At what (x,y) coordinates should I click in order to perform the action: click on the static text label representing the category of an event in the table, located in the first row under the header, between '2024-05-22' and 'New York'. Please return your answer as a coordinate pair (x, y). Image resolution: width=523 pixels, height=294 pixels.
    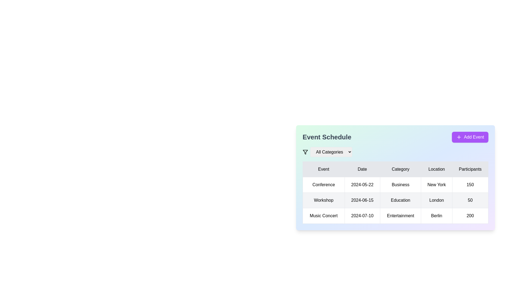
    Looking at the image, I should click on (400, 184).